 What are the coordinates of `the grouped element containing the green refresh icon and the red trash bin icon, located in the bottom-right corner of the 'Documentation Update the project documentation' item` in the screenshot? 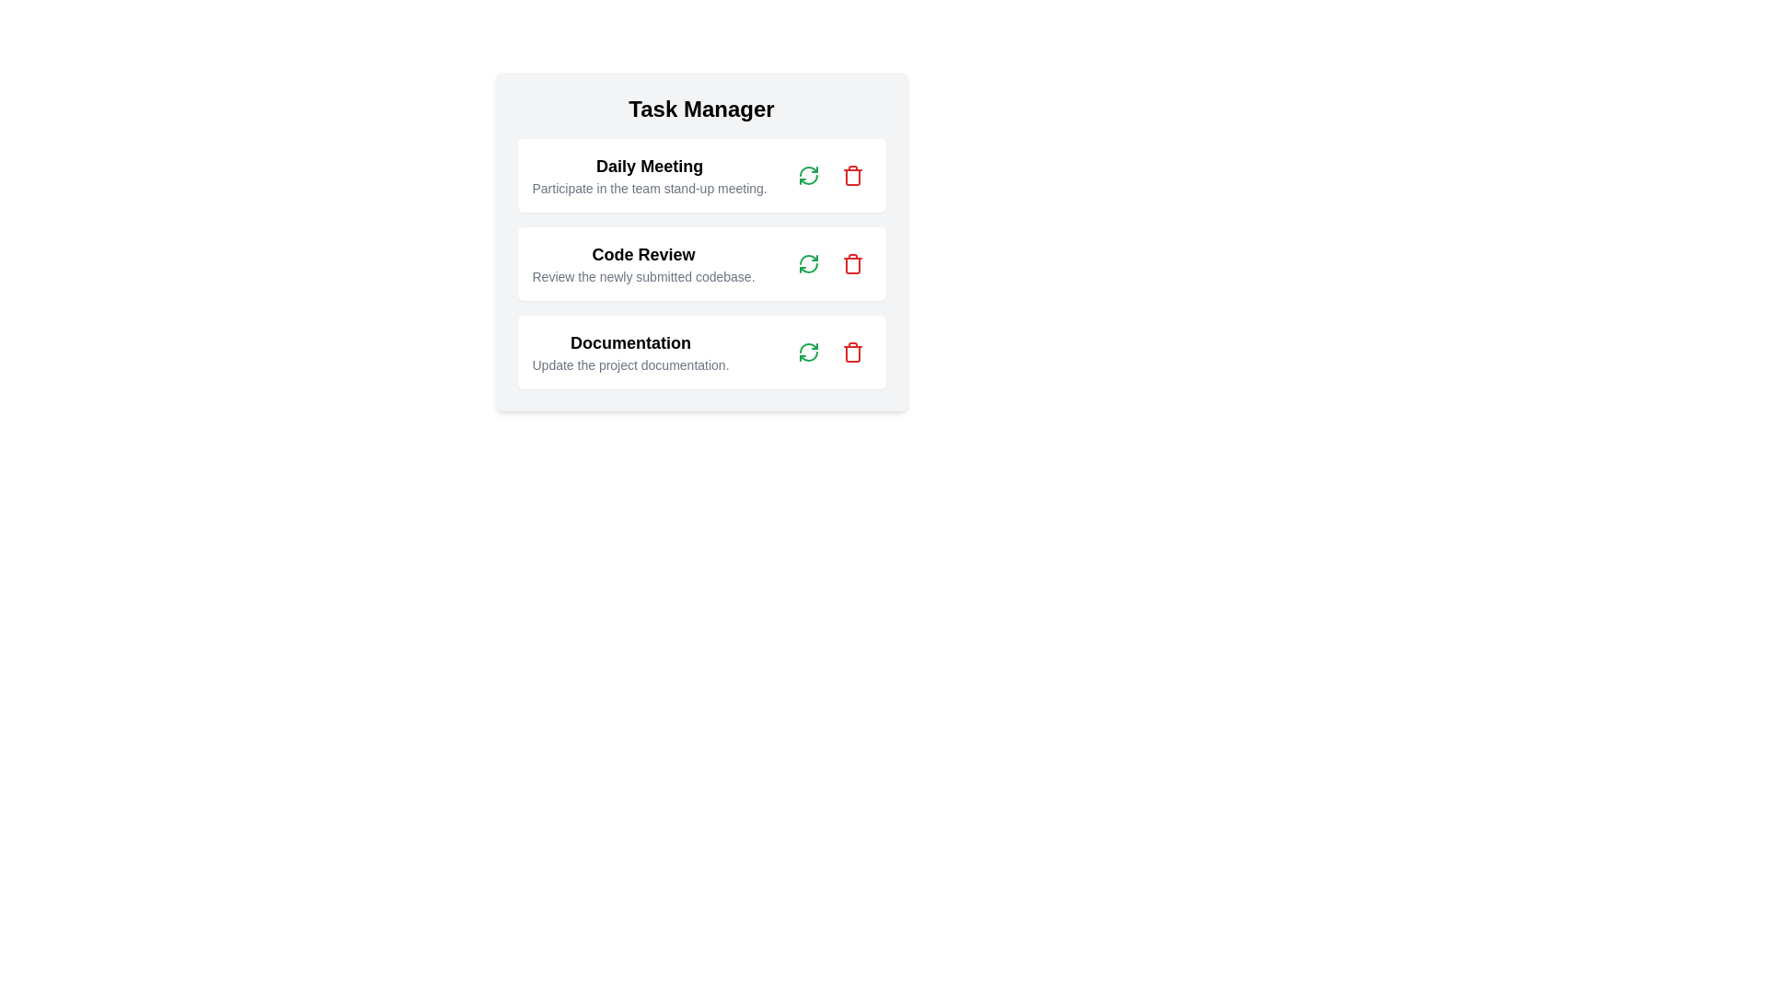 It's located at (829, 352).